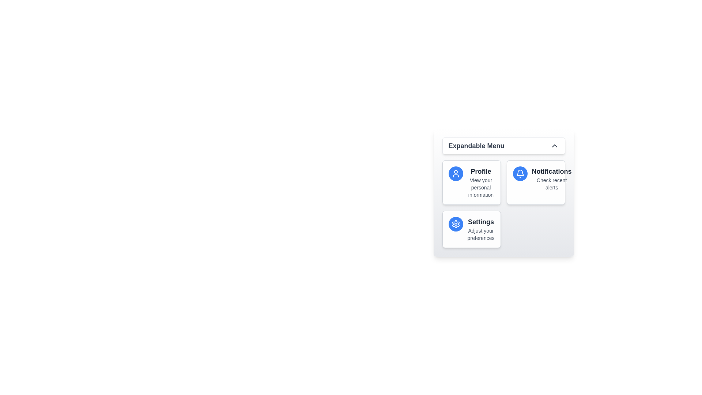 The height and width of the screenshot is (395, 702). What do you see at coordinates (536, 182) in the screenshot?
I see `the menu item labeled Notifications` at bounding box center [536, 182].